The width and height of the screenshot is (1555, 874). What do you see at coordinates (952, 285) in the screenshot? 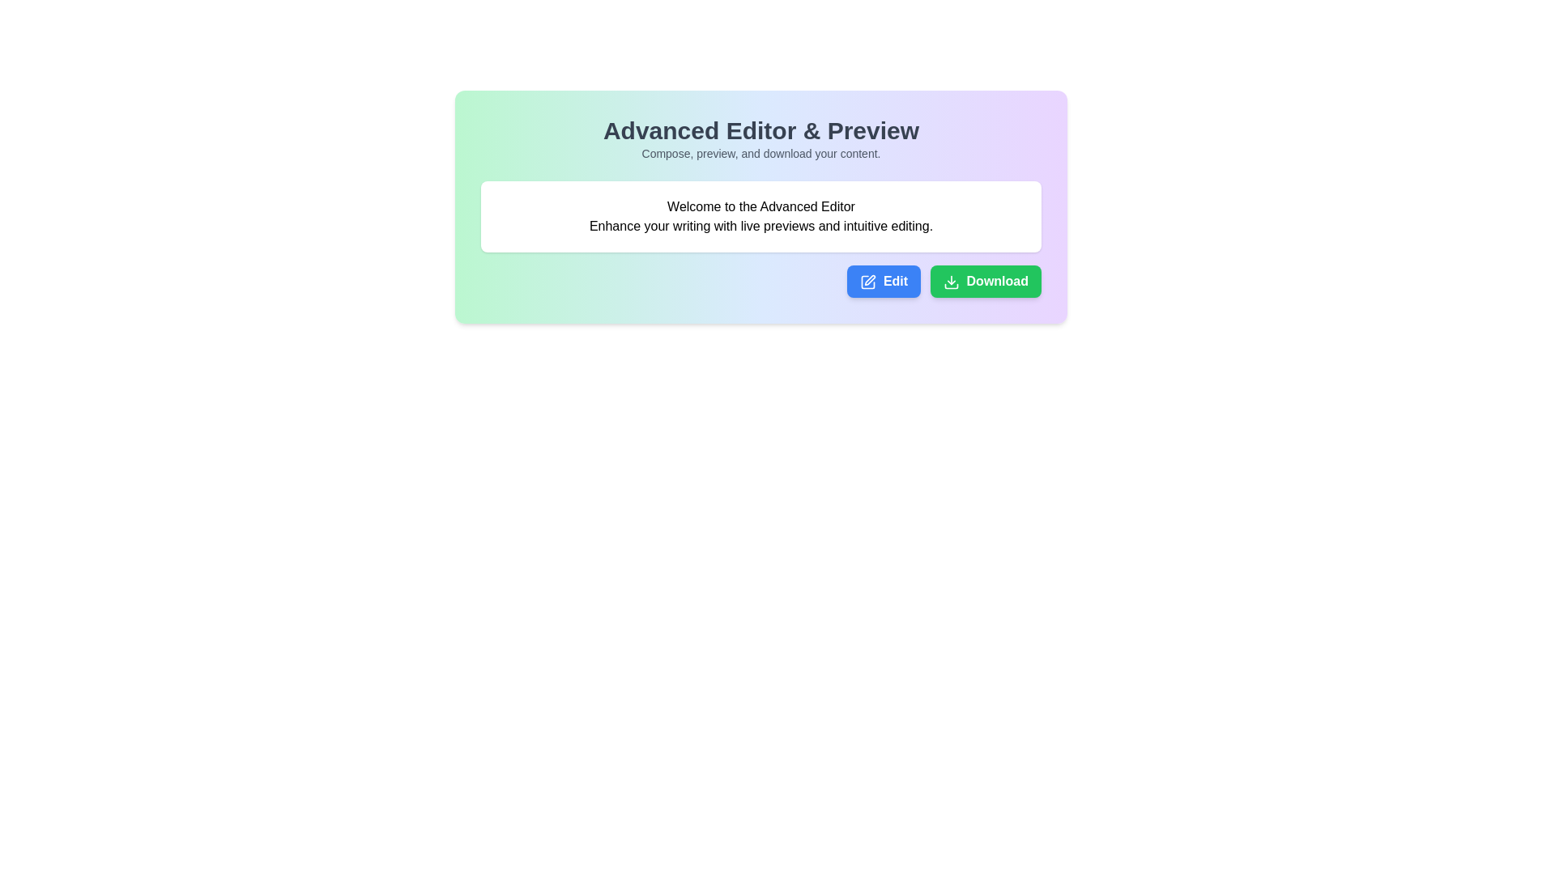
I see `the bottom-most component of the download icon, which resembles a tray or document holder and is part of the green download button on the right side of the interface` at bounding box center [952, 285].